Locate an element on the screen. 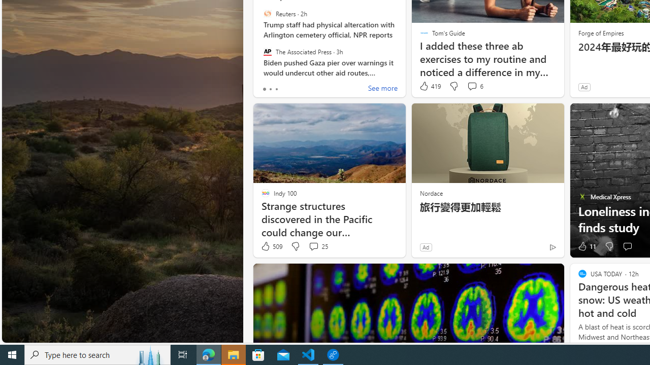  'View comments 6 Comment' is located at coordinates (471, 85).